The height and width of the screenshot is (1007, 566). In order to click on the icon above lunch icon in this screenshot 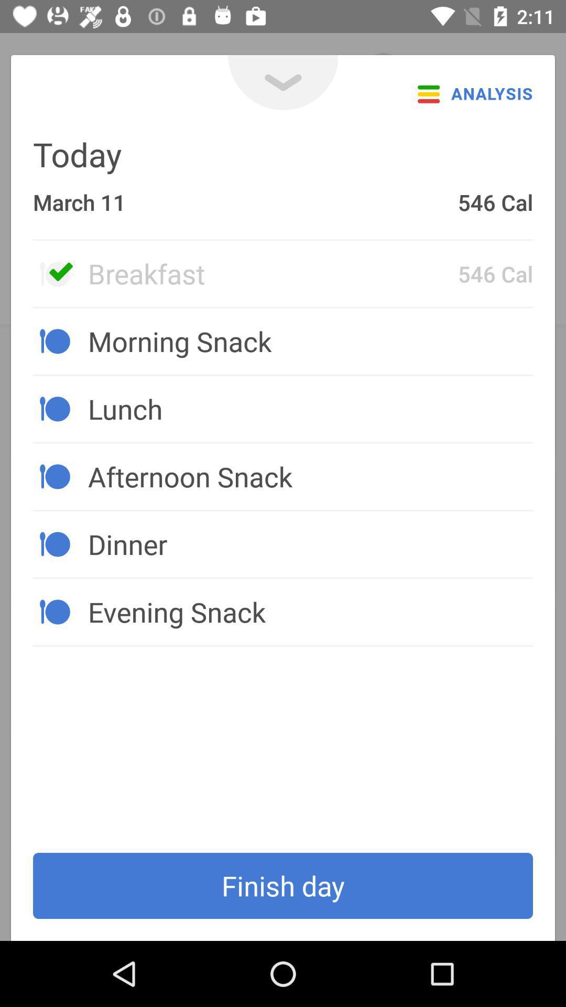, I will do `click(310, 341)`.